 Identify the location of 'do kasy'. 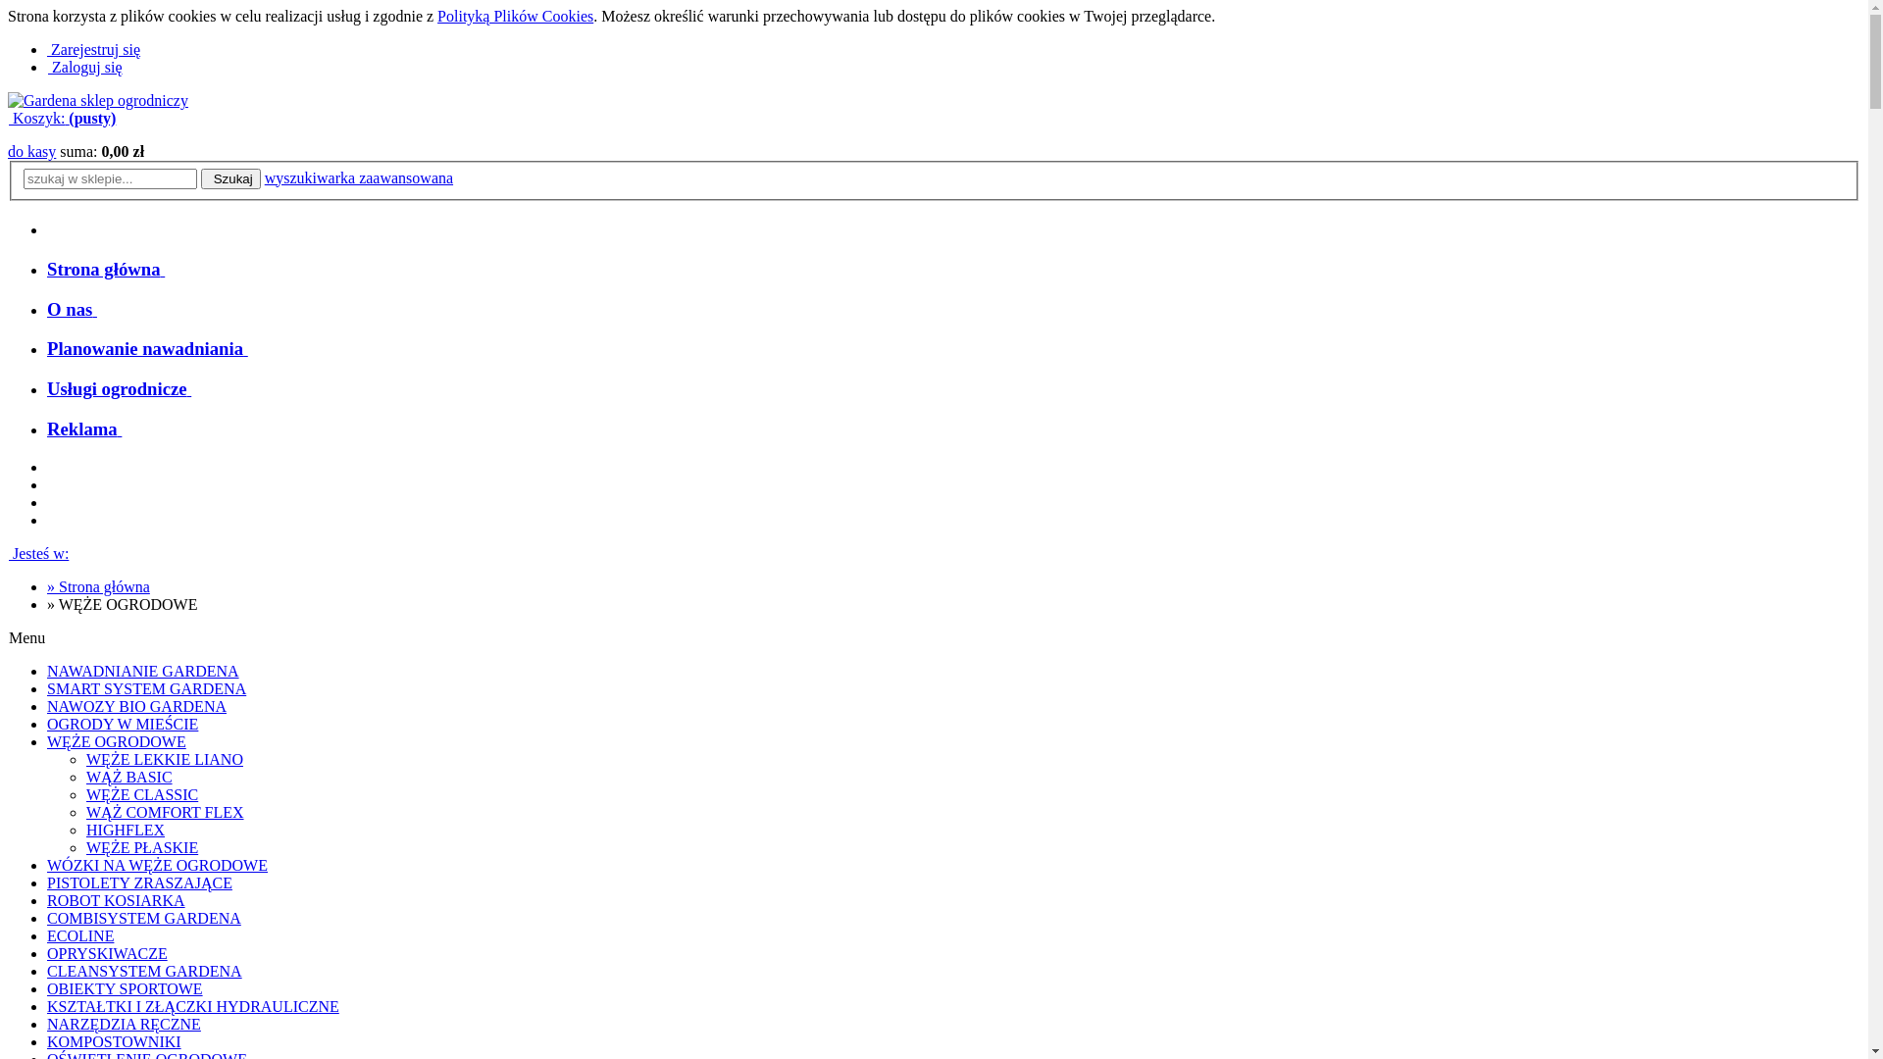
(31, 150).